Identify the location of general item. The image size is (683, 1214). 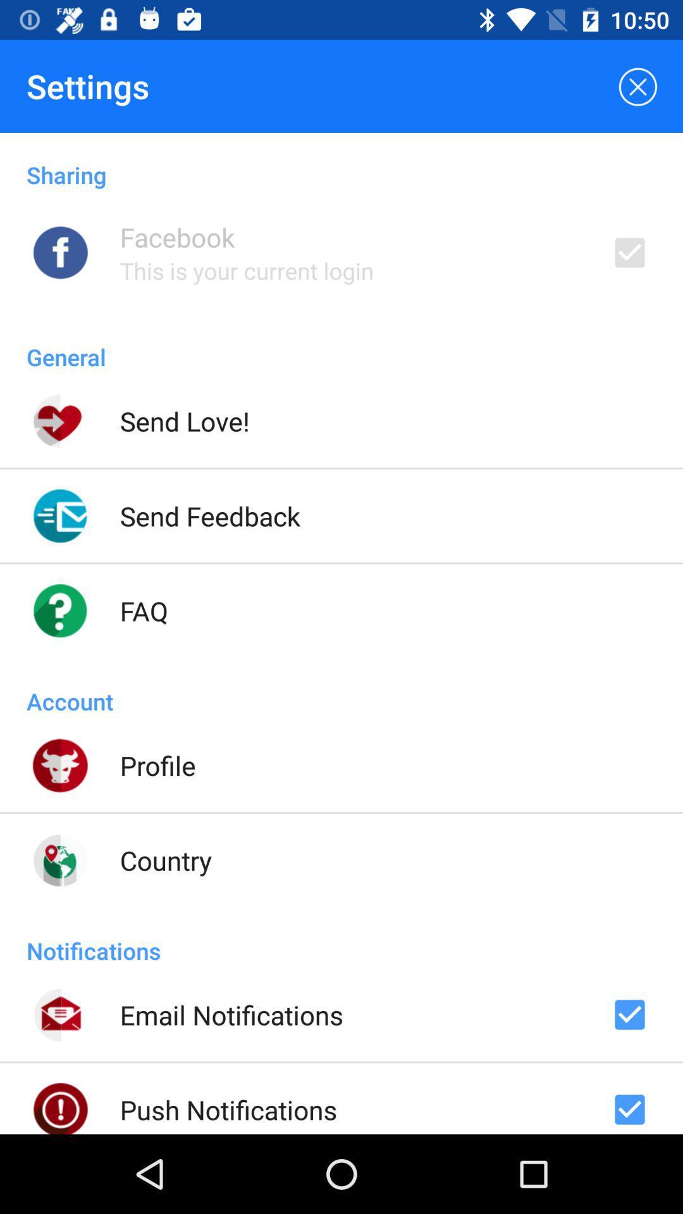
(341, 343).